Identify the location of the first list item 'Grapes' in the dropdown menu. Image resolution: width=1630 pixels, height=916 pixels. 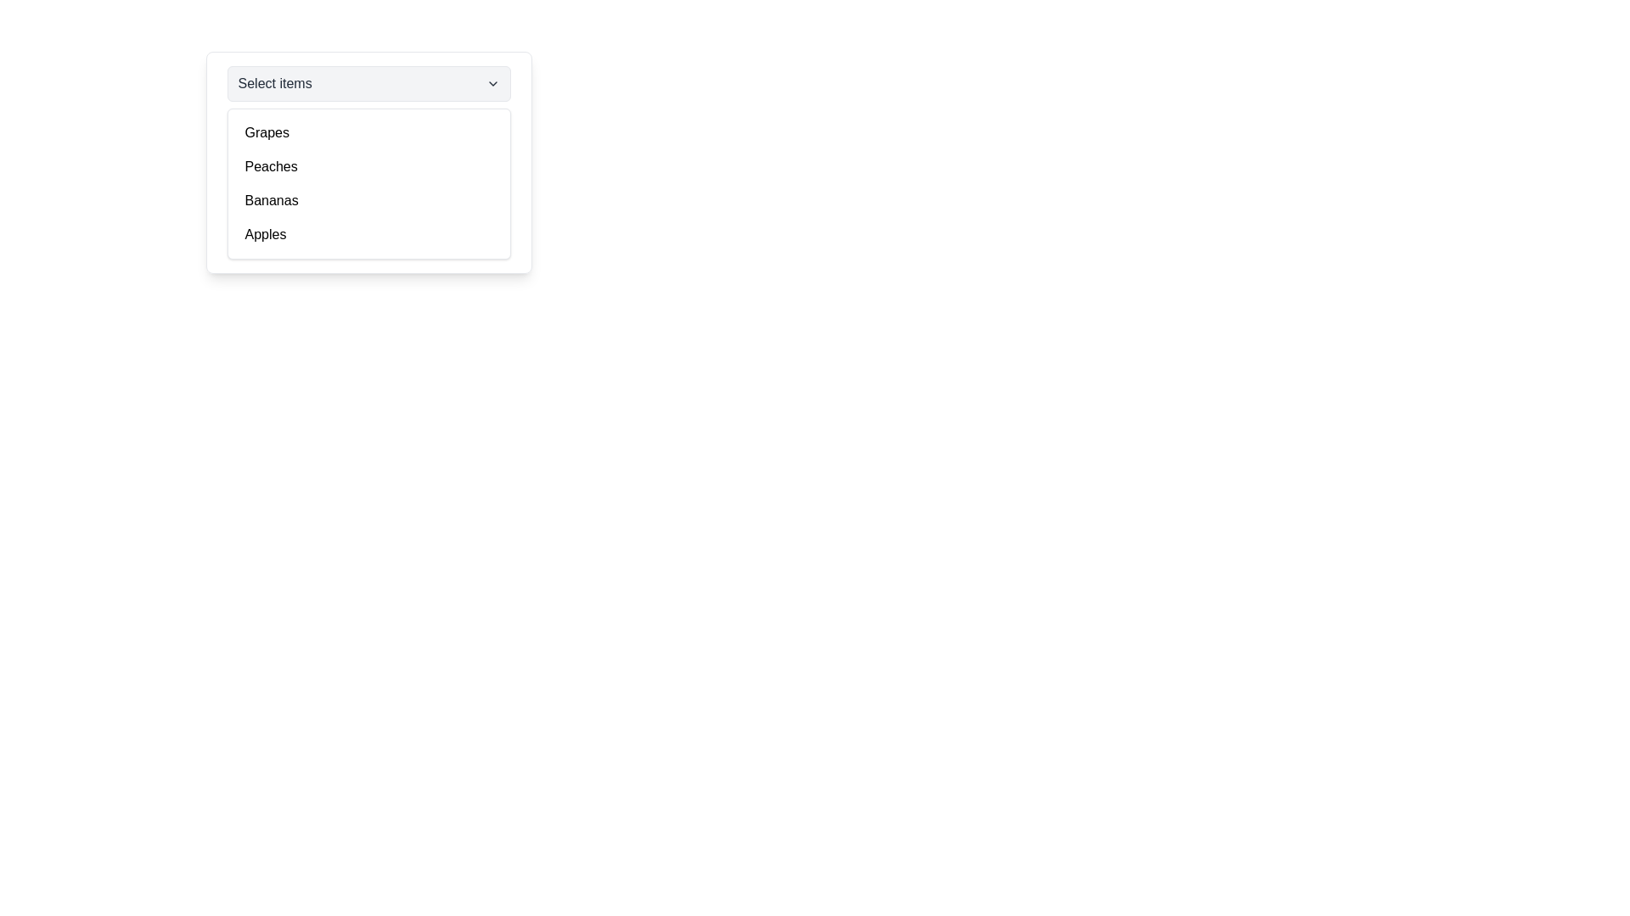
(368, 132).